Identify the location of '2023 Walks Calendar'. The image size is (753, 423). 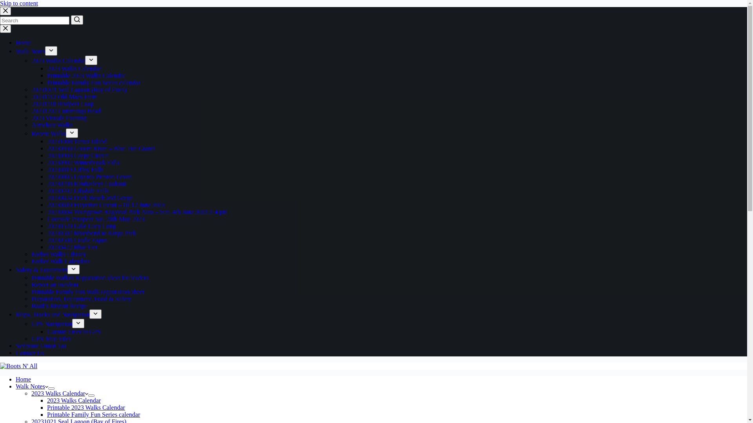
(58, 60).